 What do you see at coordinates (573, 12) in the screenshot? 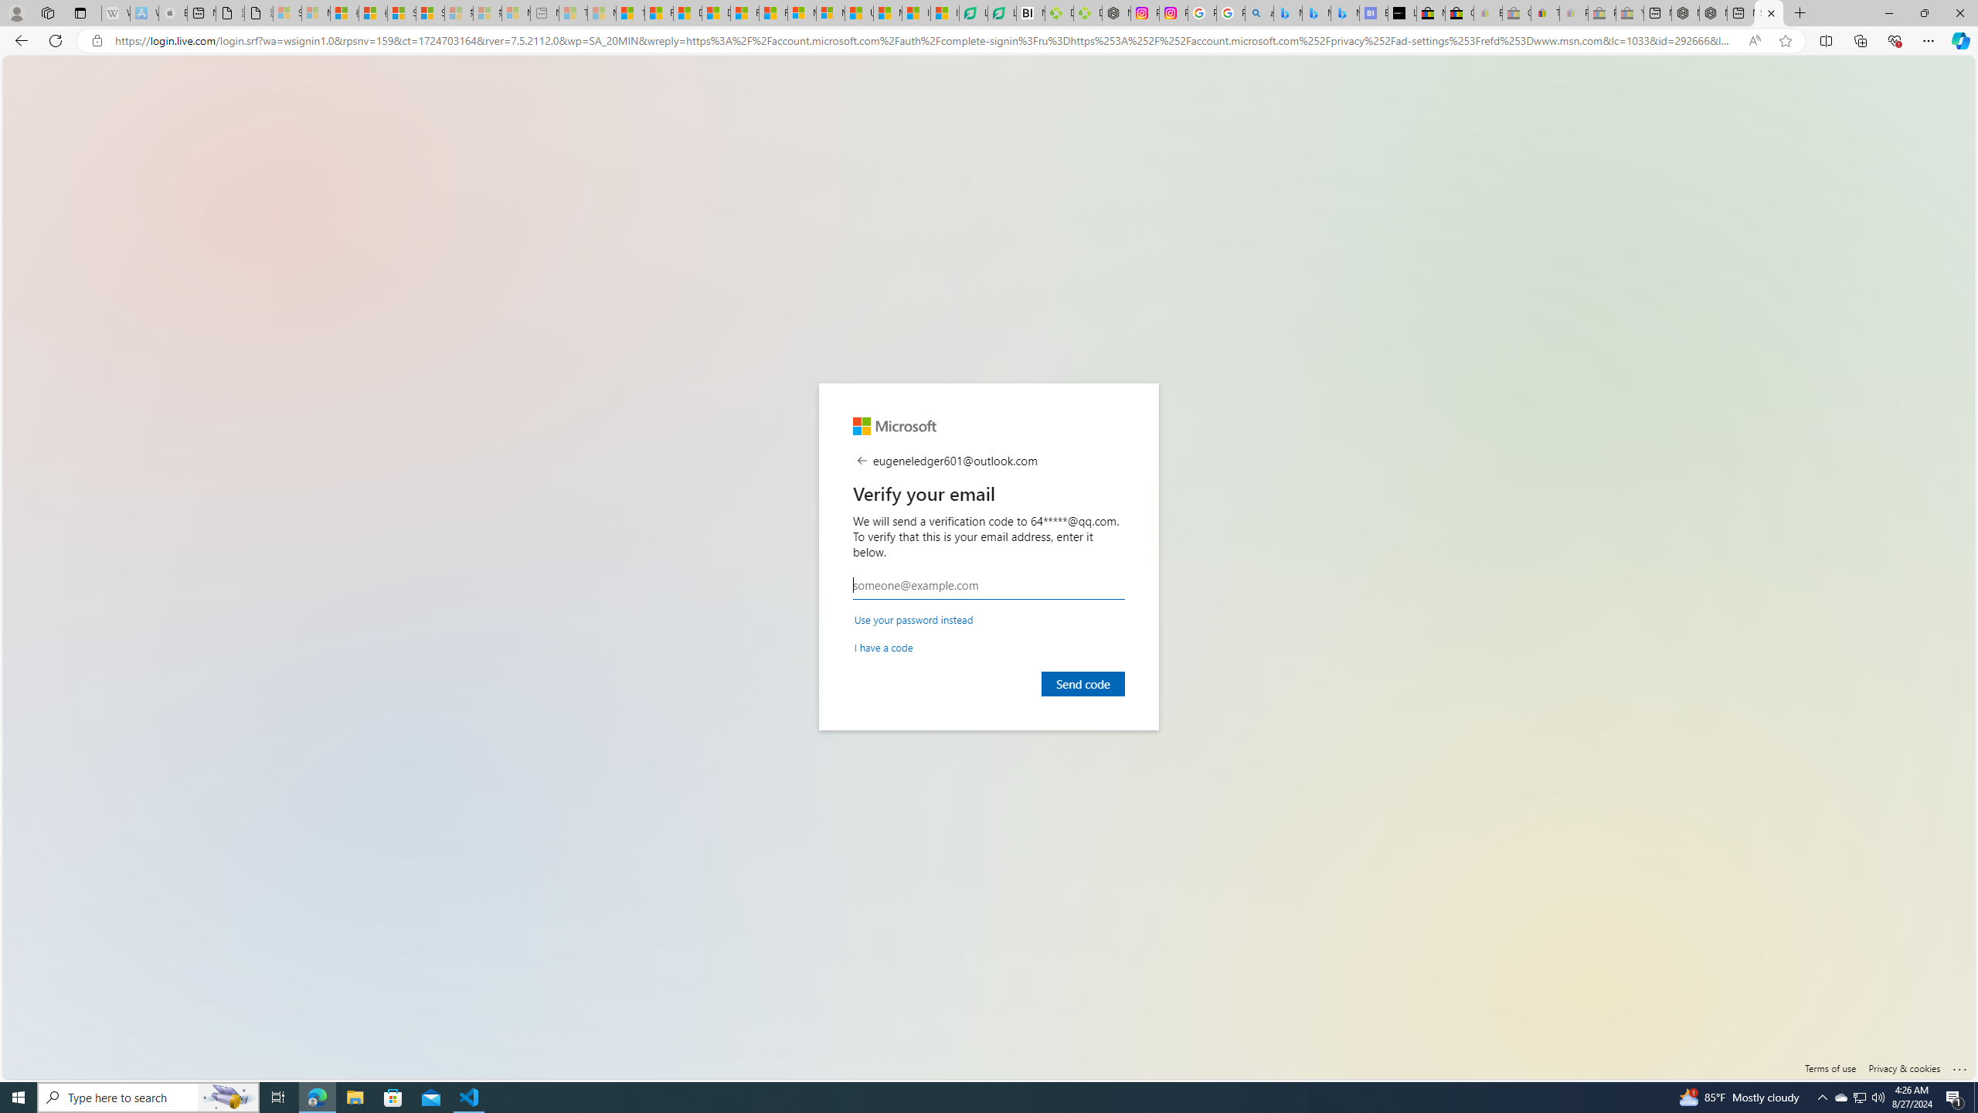
I see `'Top Stories - MSN - Sleeping'` at bounding box center [573, 12].